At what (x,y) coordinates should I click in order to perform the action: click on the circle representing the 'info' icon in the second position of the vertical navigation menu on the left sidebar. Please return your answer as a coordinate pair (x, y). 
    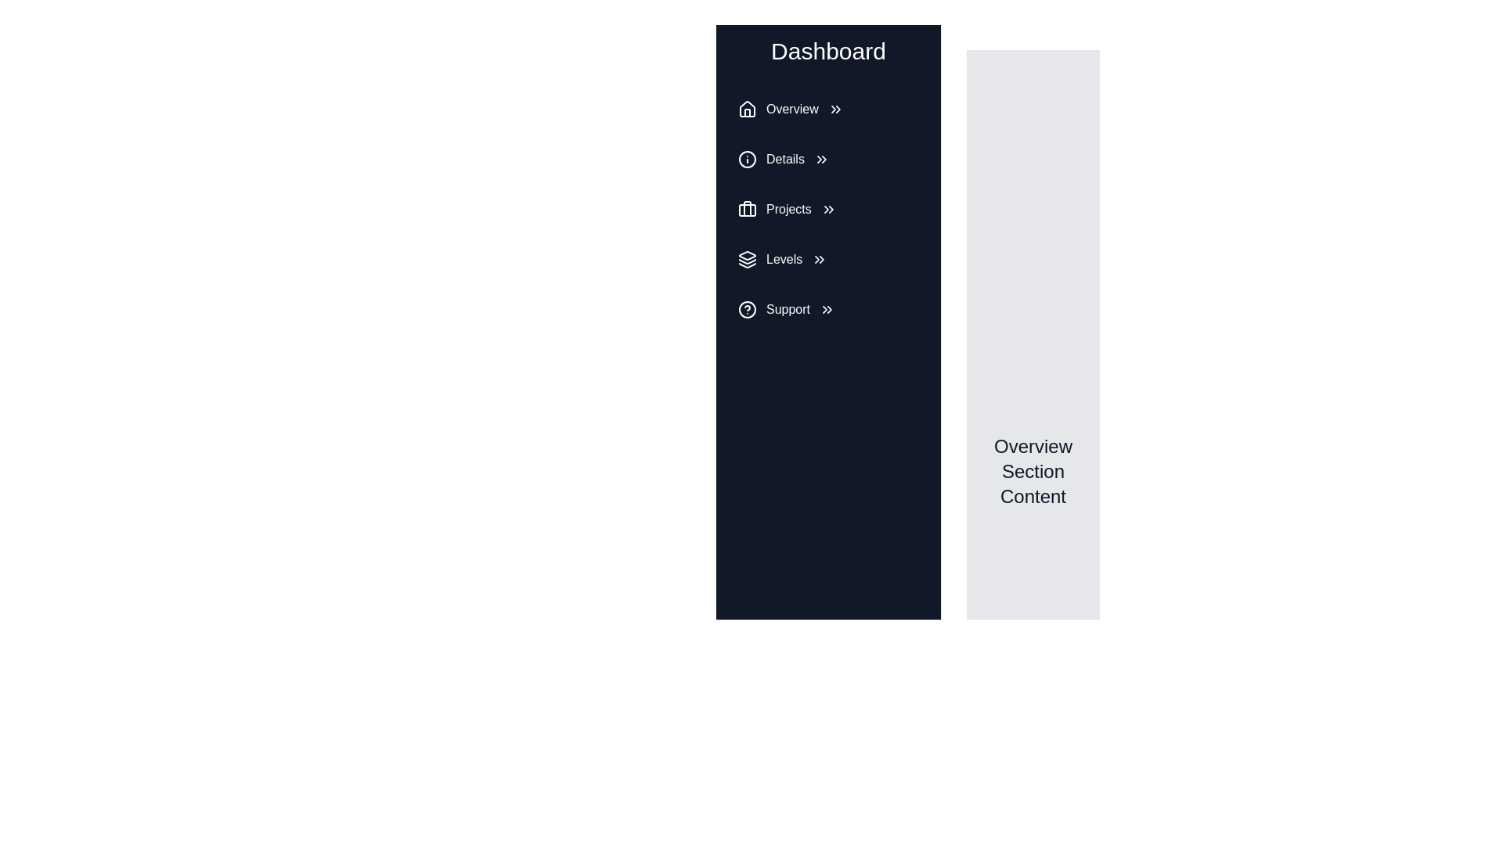
    Looking at the image, I should click on (747, 160).